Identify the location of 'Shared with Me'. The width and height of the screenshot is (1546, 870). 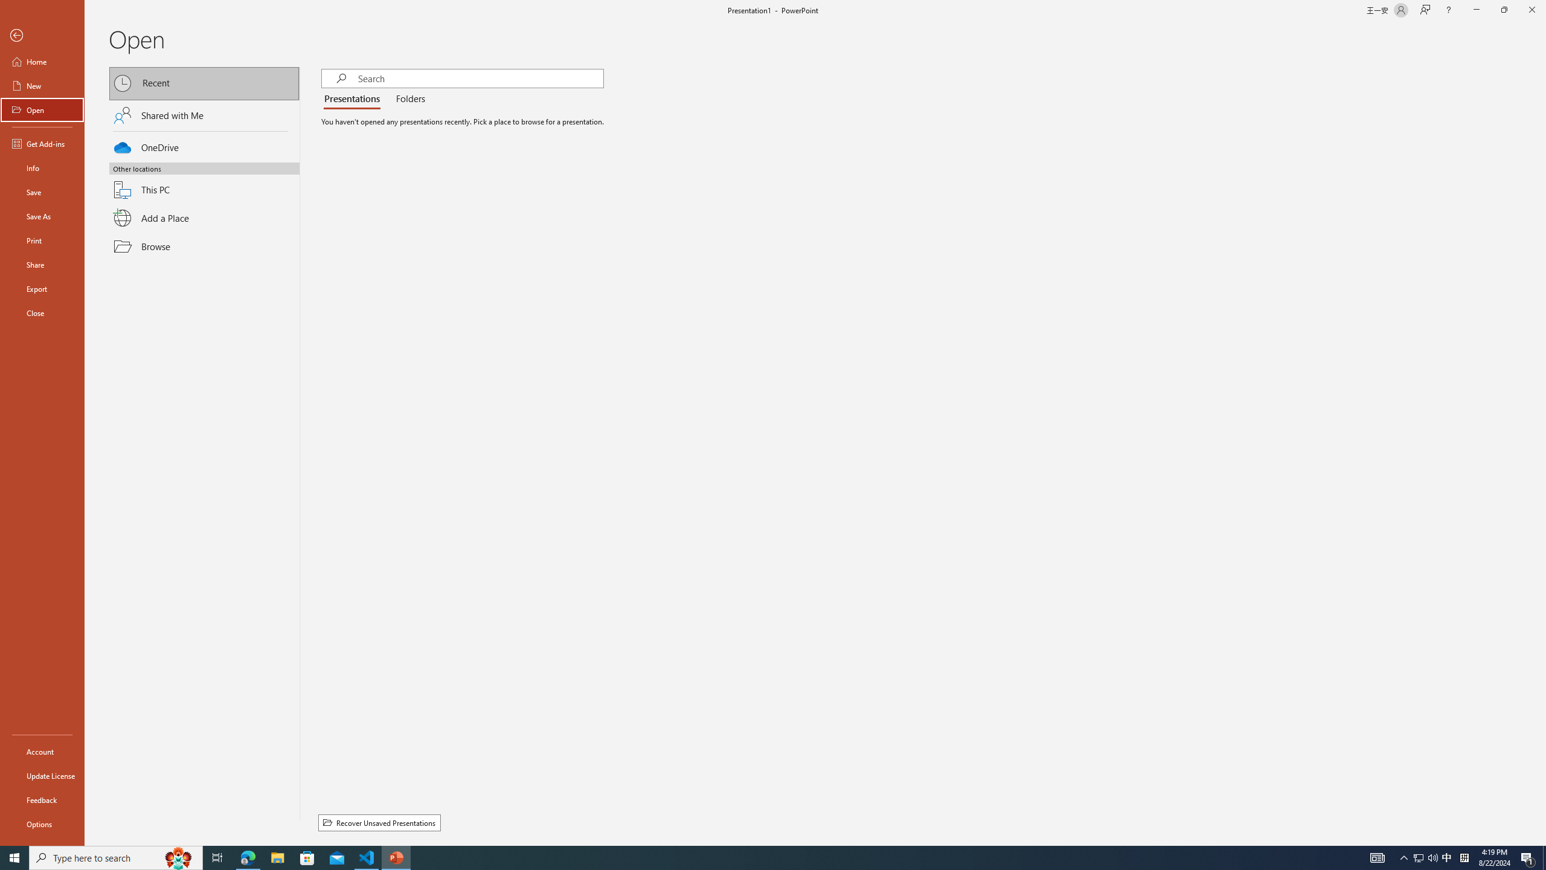
(204, 114).